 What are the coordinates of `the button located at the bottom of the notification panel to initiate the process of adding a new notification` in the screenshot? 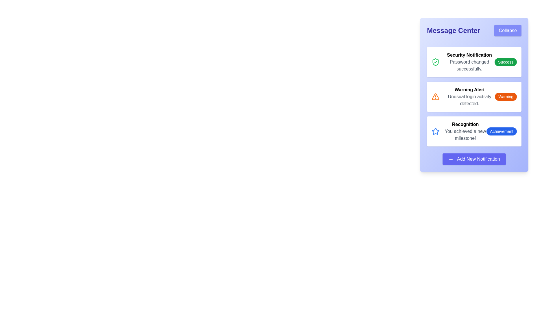 It's located at (474, 159).